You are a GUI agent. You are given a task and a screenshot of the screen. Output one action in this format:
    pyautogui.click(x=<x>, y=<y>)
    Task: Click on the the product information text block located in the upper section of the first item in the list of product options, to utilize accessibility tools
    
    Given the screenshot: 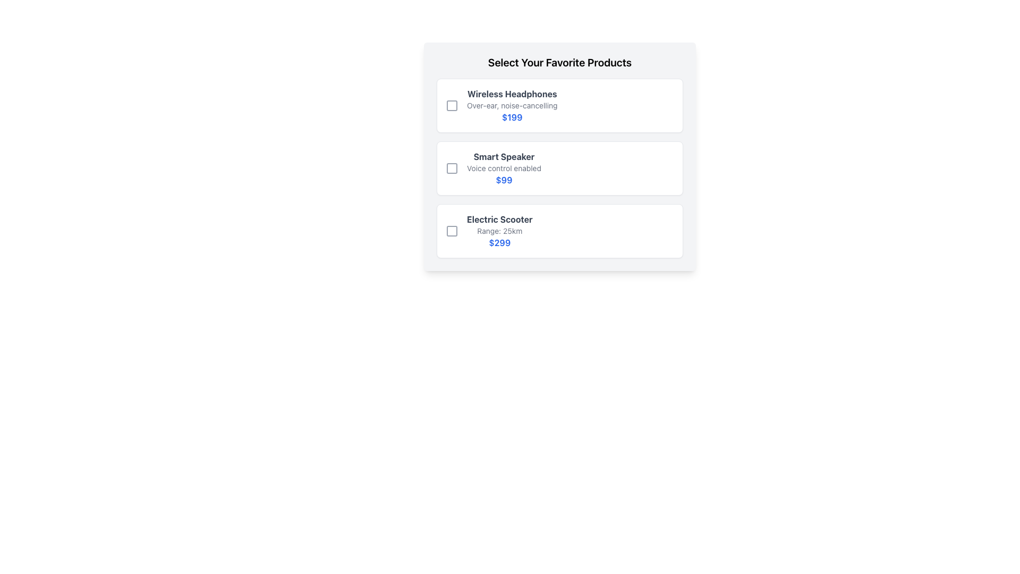 What is the action you would take?
    pyautogui.click(x=512, y=106)
    